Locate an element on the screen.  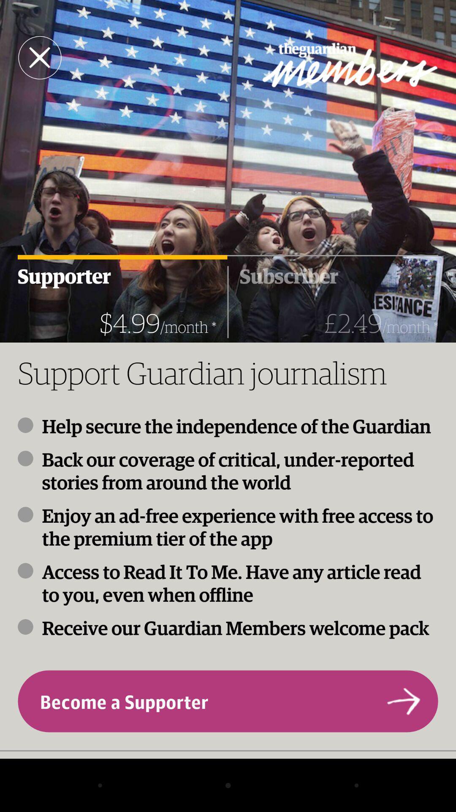
this offer is located at coordinates (40, 57).